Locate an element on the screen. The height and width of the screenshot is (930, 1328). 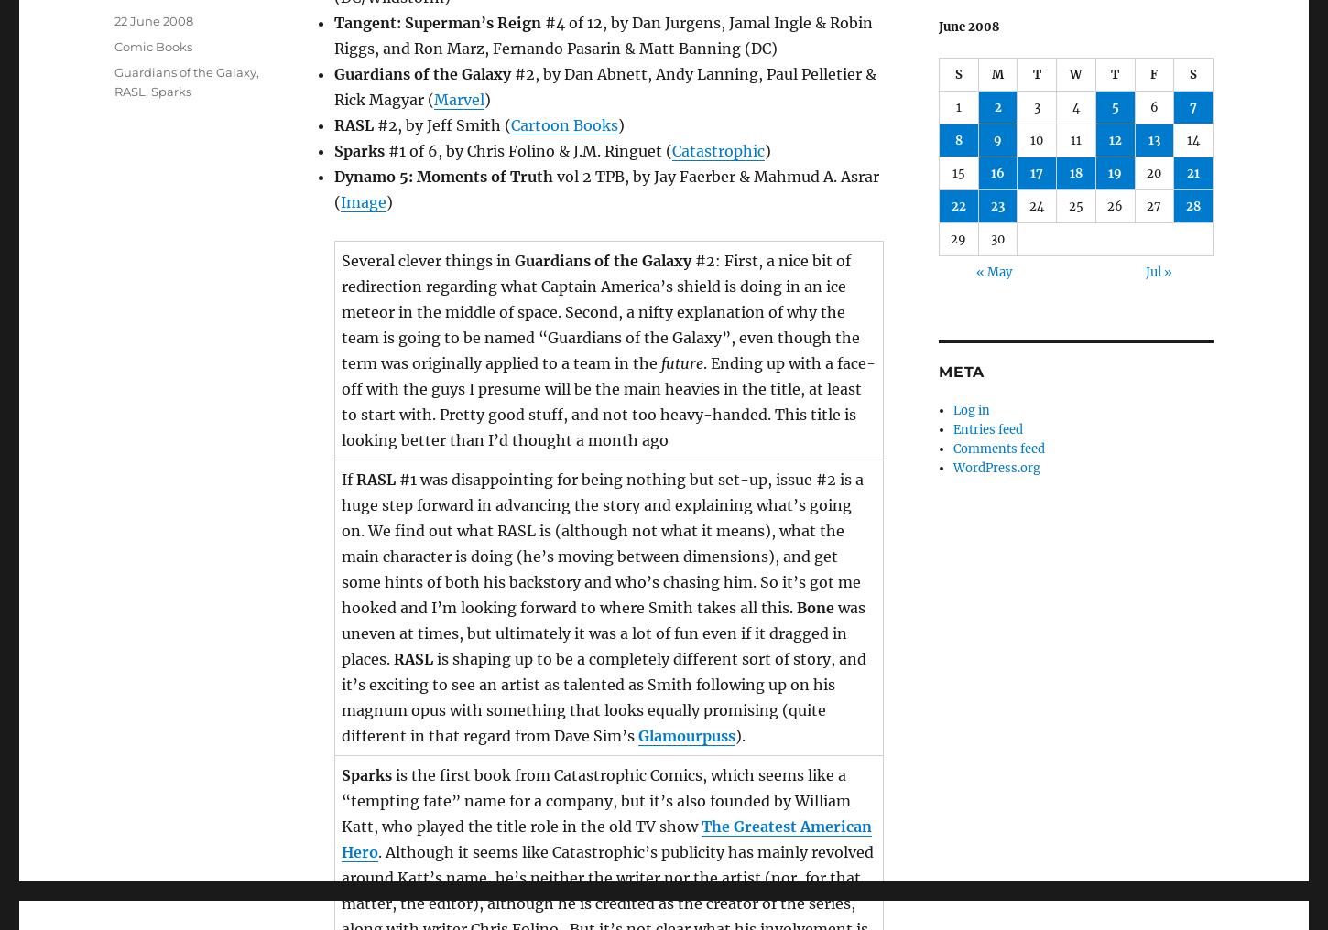
'26' is located at coordinates (1107, 205).